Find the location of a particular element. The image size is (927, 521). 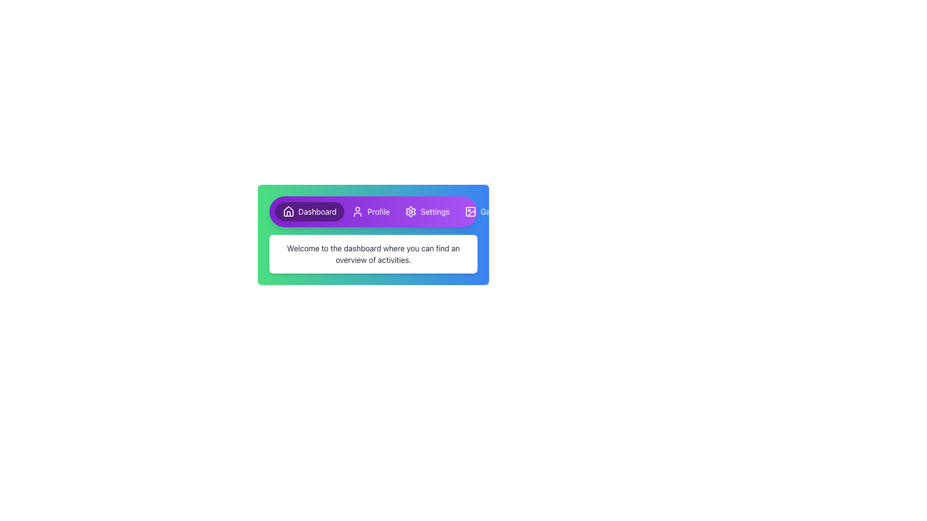

the house icon in the navigation menu is located at coordinates (288, 211).